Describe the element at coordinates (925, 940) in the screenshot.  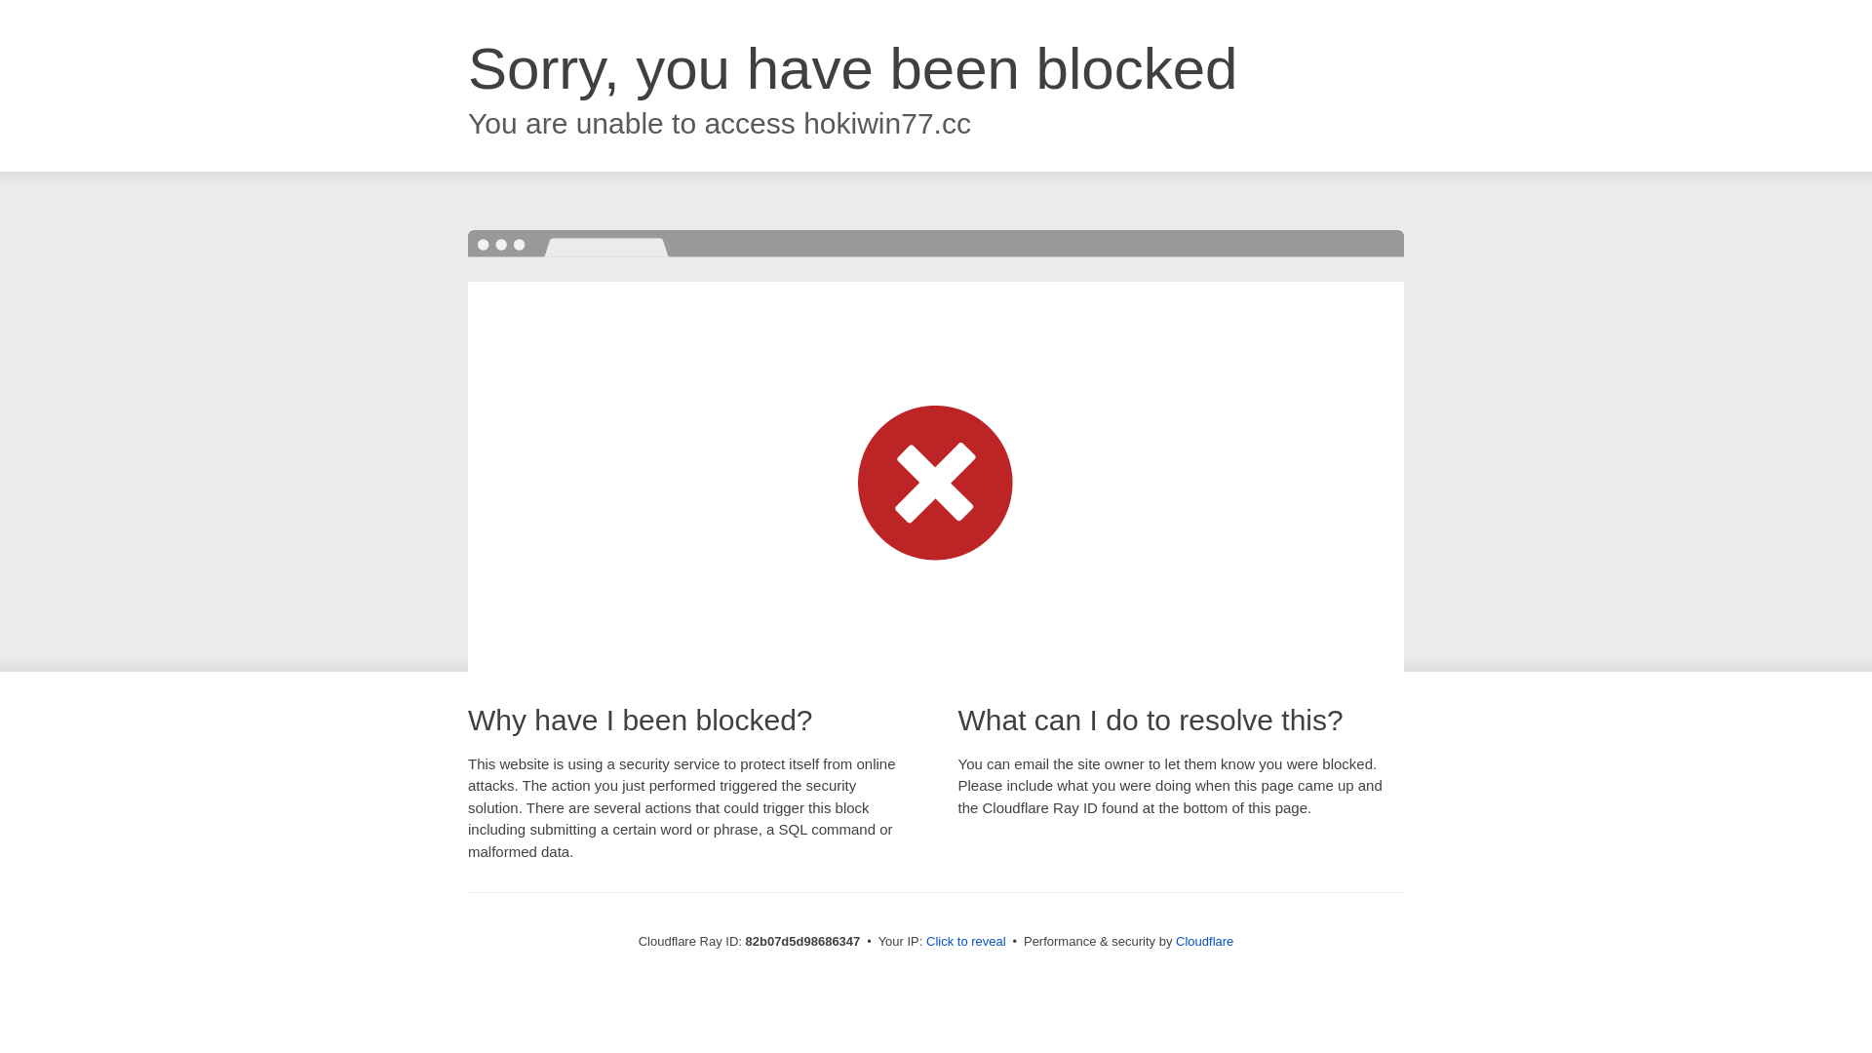
I see `'Click to reveal'` at that location.